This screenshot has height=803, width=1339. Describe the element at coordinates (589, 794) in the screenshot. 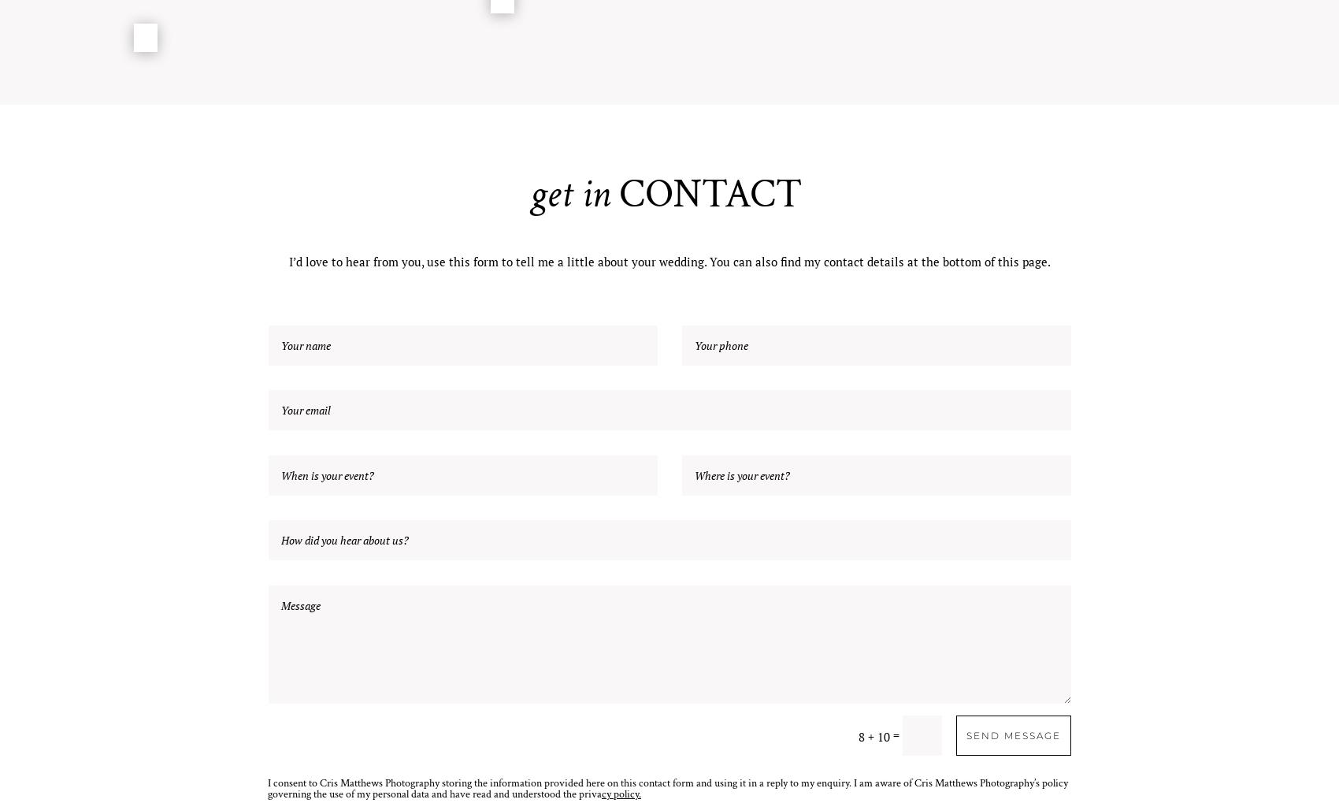

I see `'priva'` at that location.